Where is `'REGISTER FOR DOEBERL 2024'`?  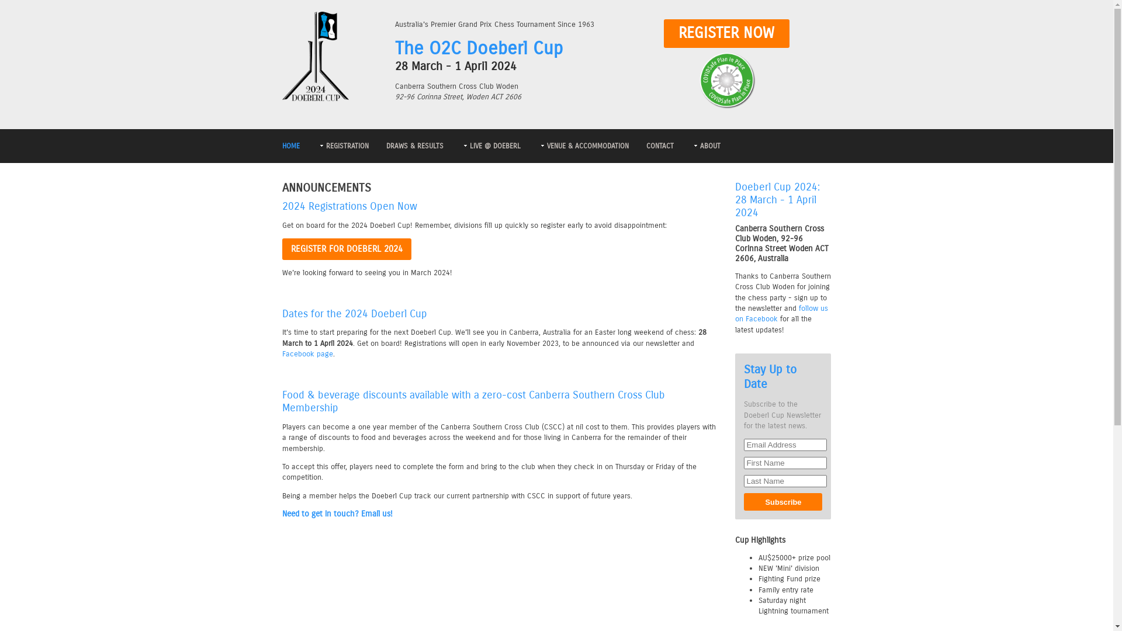
'REGISTER FOR DOEBERL 2024' is located at coordinates (346, 248).